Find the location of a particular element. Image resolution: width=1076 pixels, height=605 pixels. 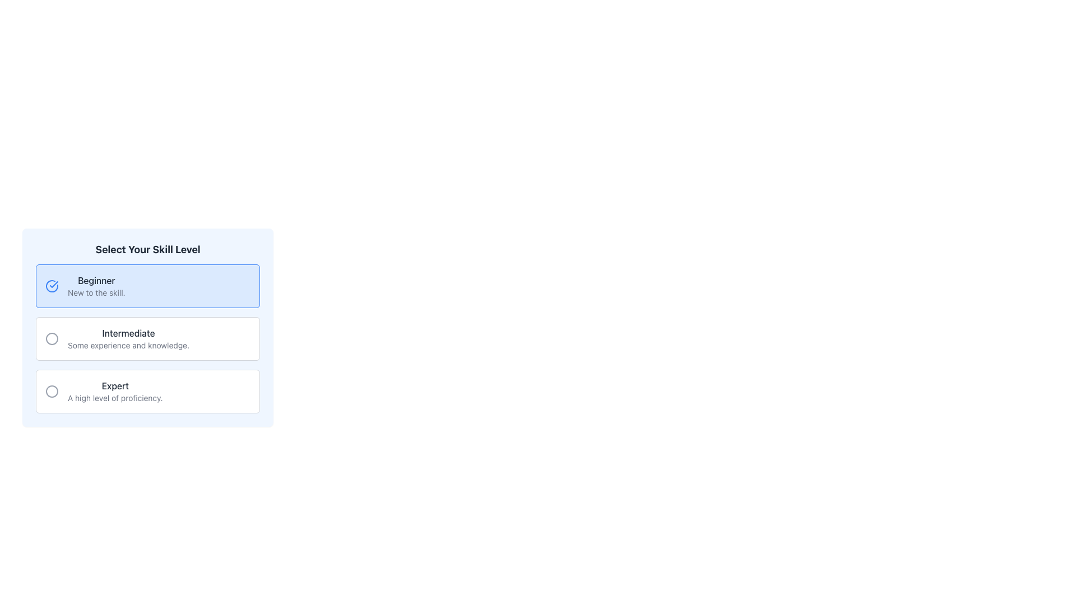

the 'Intermediate' radio selection option, which is the second option in a list of three is located at coordinates (147, 338).